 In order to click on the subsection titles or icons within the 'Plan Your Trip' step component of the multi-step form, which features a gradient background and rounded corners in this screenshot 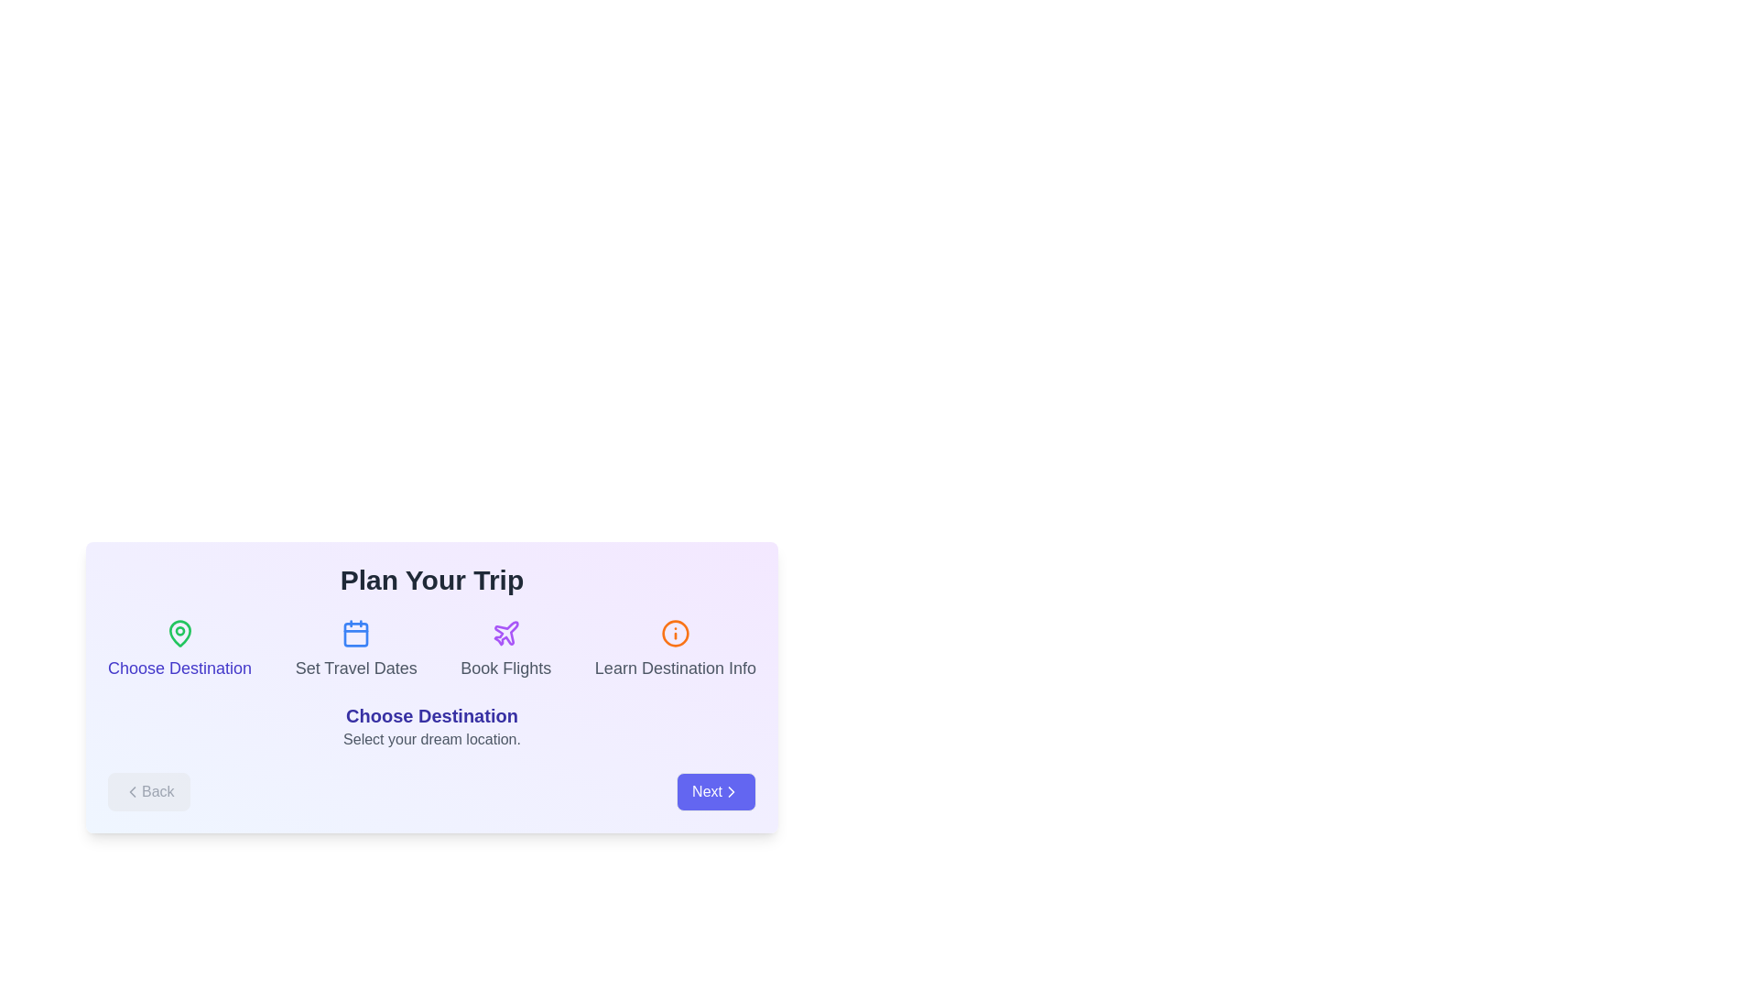, I will do `click(430, 688)`.